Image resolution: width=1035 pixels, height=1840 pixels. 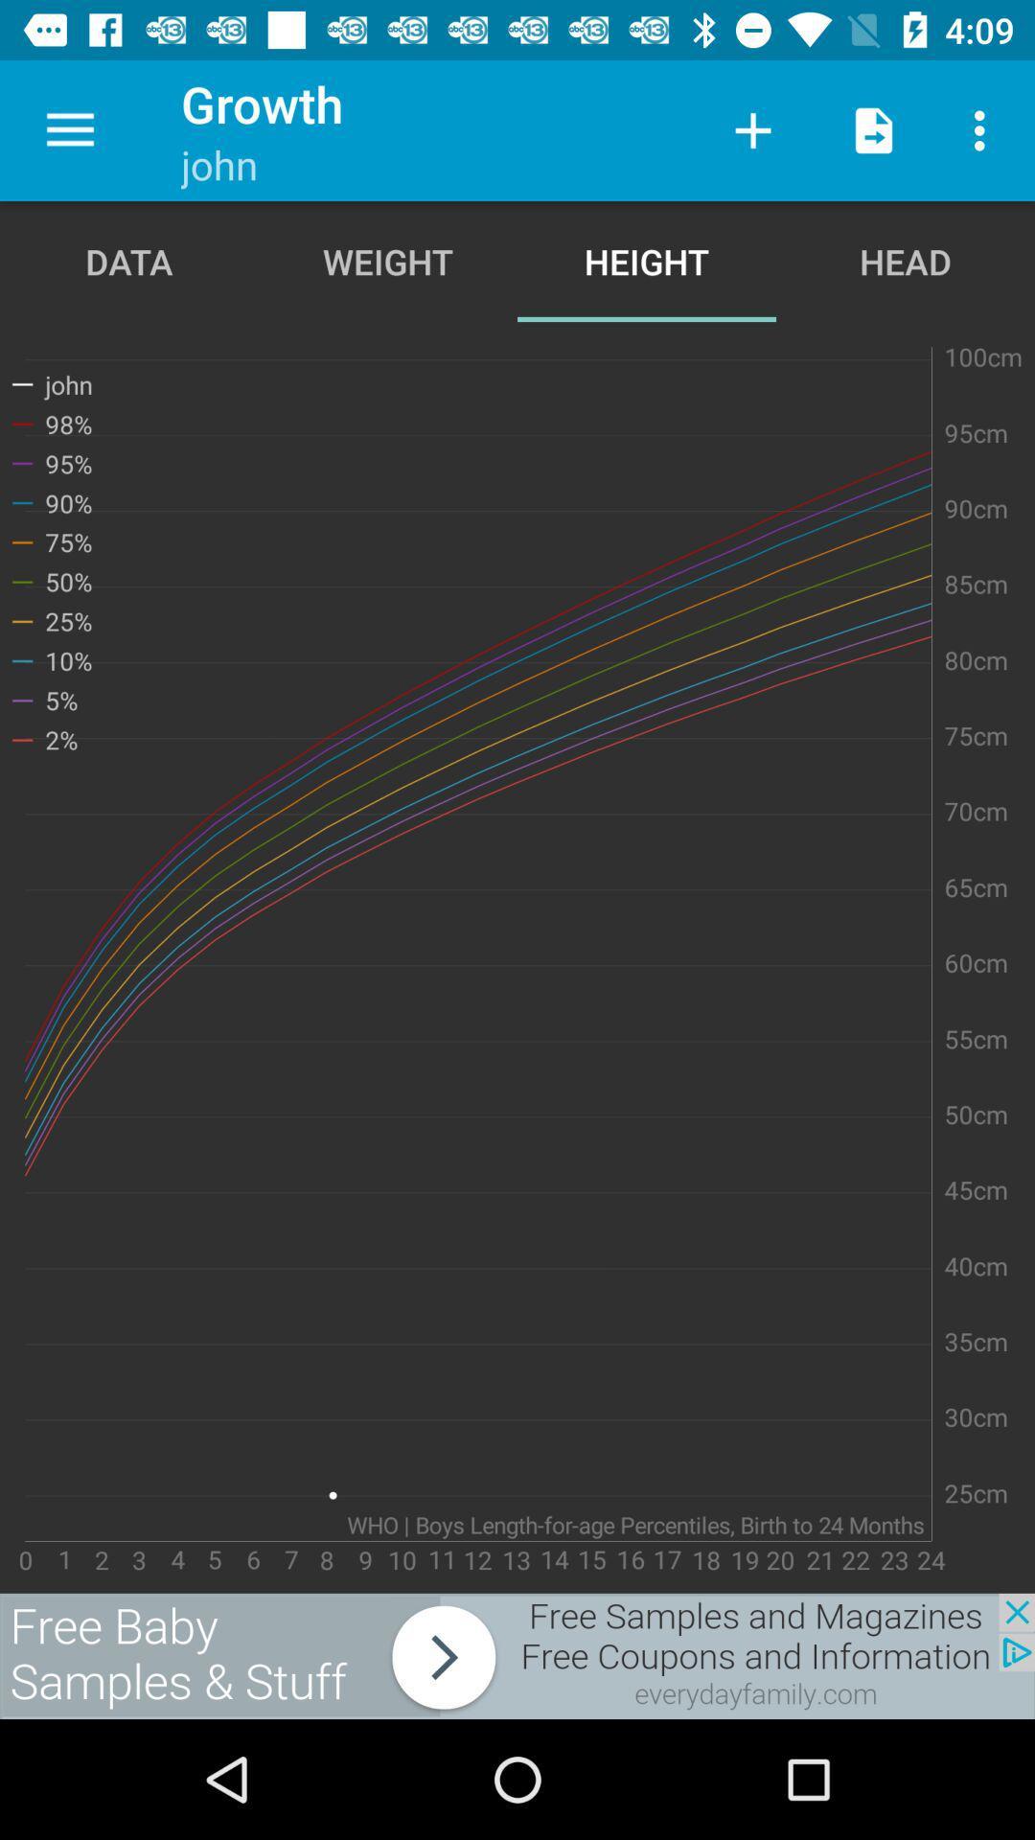 What do you see at coordinates (517, 1655) in the screenshot?
I see `advertising partner` at bounding box center [517, 1655].